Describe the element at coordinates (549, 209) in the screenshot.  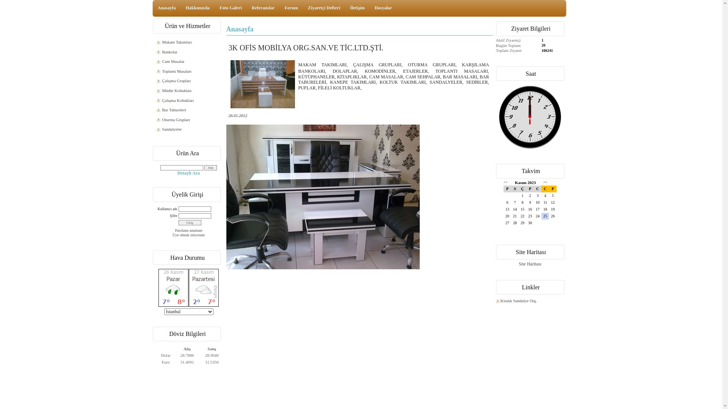
I see `'19'` at that location.